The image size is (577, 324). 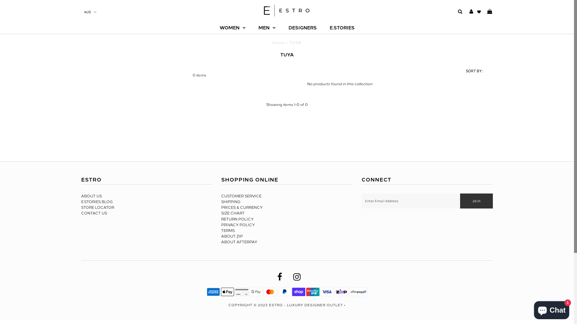 I want to click on 'DESIGNERS', so click(x=303, y=28).